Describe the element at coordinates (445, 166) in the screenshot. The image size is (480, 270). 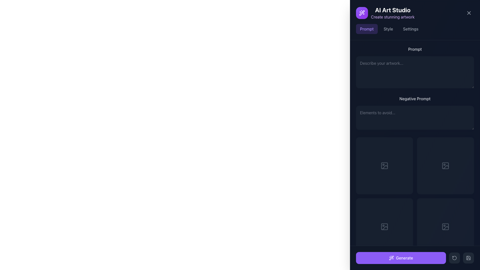
I see `the bottom-right icon in a grid of four image placeholders, which is a rectangle icon resembling an image outline with rounded corners` at that location.